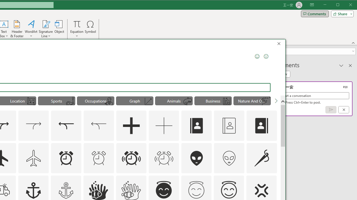 The height and width of the screenshot is (200, 357). What do you see at coordinates (46, 24) in the screenshot?
I see `'Signature Line'` at bounding box center [46, 24].